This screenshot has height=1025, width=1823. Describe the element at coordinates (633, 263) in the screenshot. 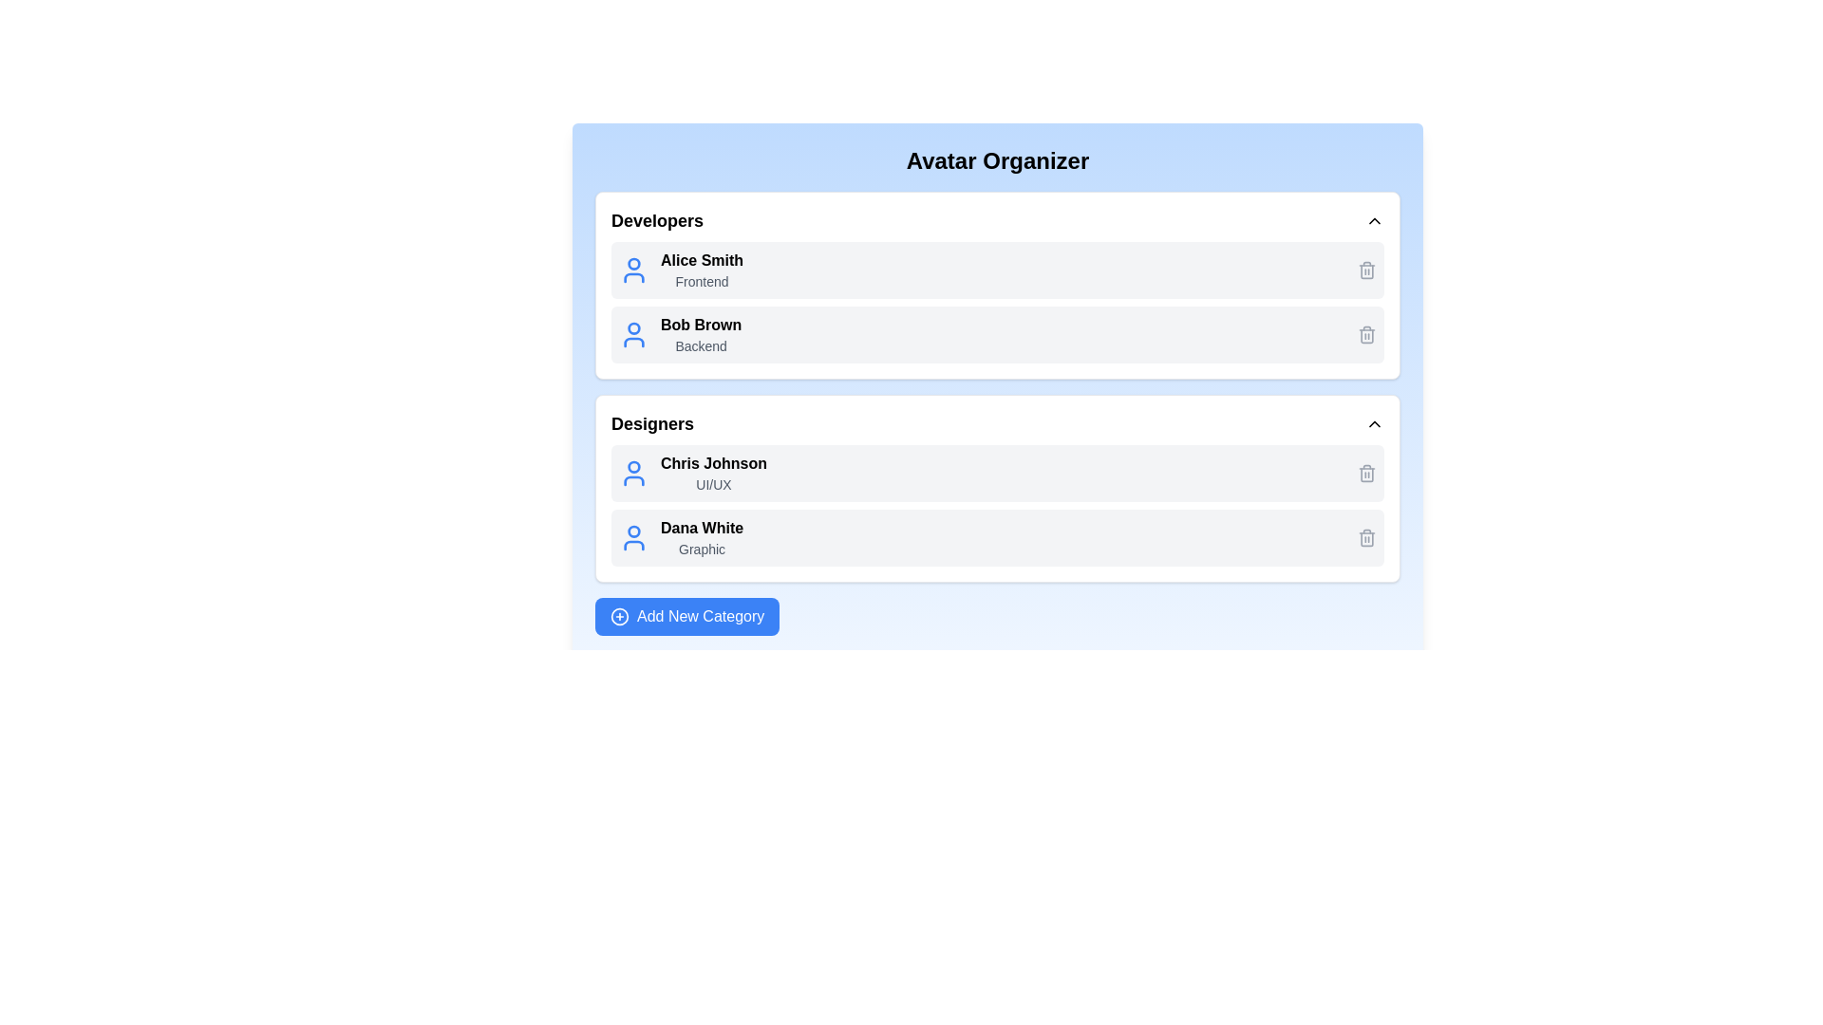

I see `the circular SVG element representing the head of the user avatar icon for Alice Smith in the Developers section` at that location.